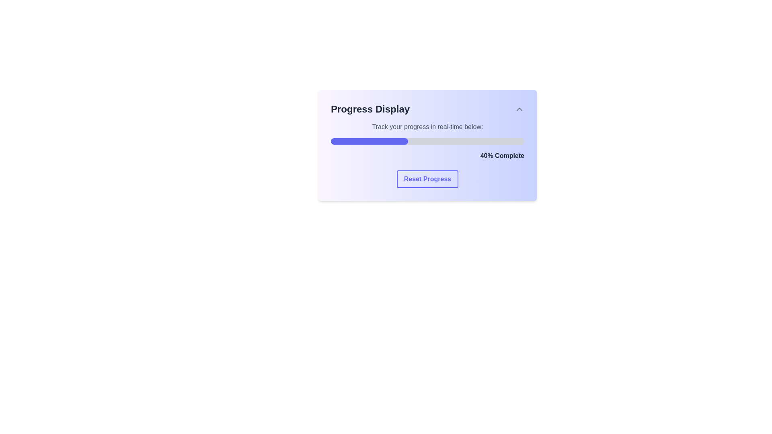 Image resolution: width=772 pixels, height=434 pixels. Describe the element at coordinates (519, 109) in the screenshot. I see `the upwards-facing chevron arrow icon located in the header section titled 'Progress Display', positioned at the top-right corner next to the title` at that location.